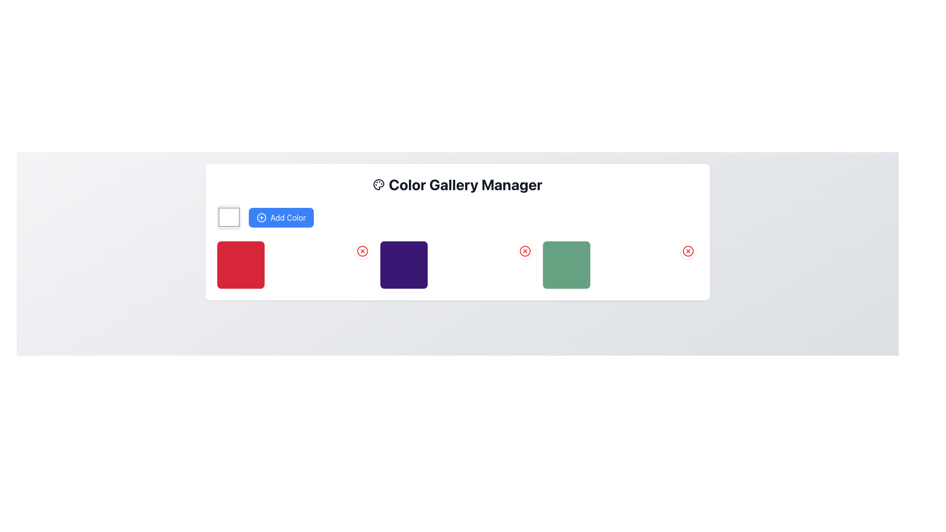 This screenshot has width=946, height=532. I want to click on the circular button with a white background, red border, and 'X' icon located at the top-right corner of the green square box panel, so click(687, 250).